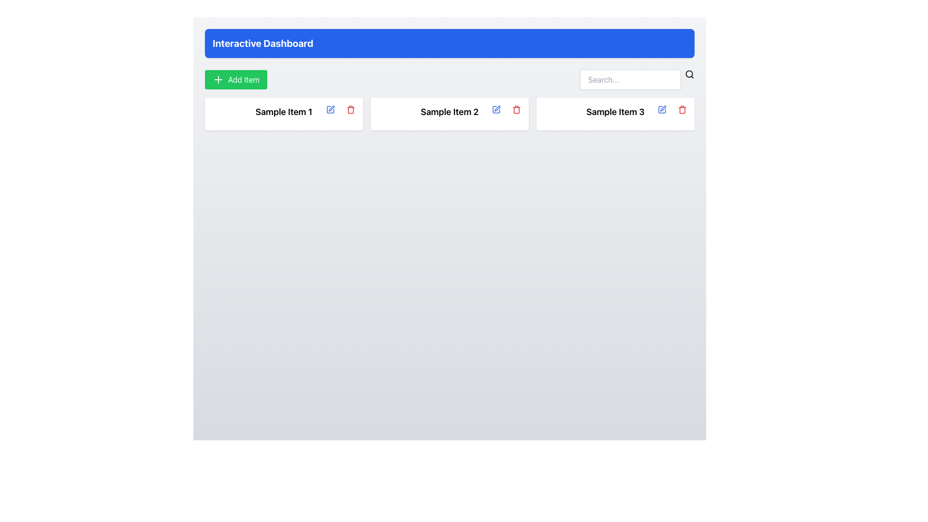 This screenshot has height=522, width=928. What do you see at coordinates (663, 108) in the screenshot?
I see `the edit icon, which is a small SVG icon resembling a pen, located to the right of the text 'Sample Item 3' in the interface layout` at bounding box center [663, 108].